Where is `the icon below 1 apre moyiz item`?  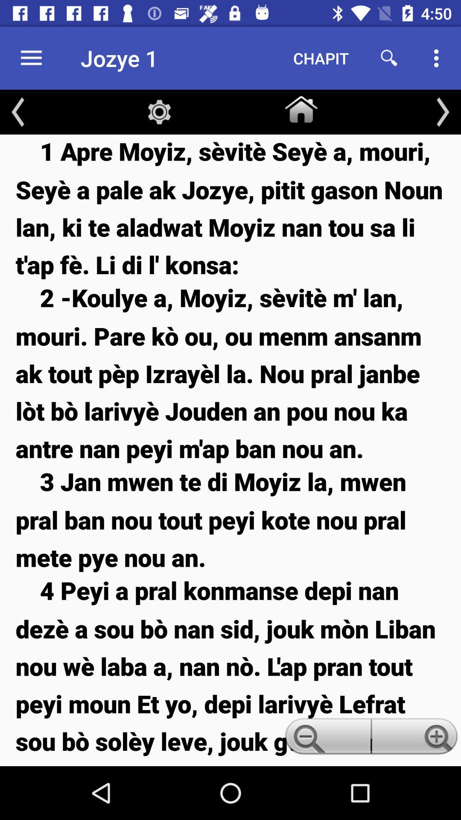 the icon below 1 apre moyiz item is located at coordinates (230, 373).